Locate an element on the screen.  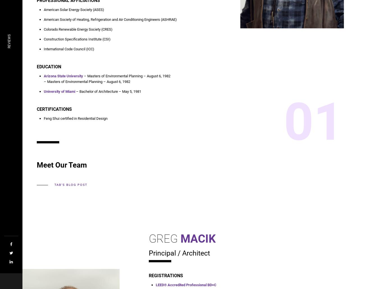
'International Code Council (ICC)' is located at coordinates (69, 49).